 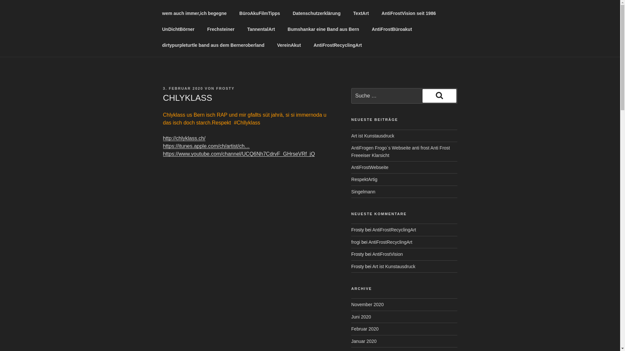 I want to click on '3. FEBRUAR 2020', so click(x=182, y=88).